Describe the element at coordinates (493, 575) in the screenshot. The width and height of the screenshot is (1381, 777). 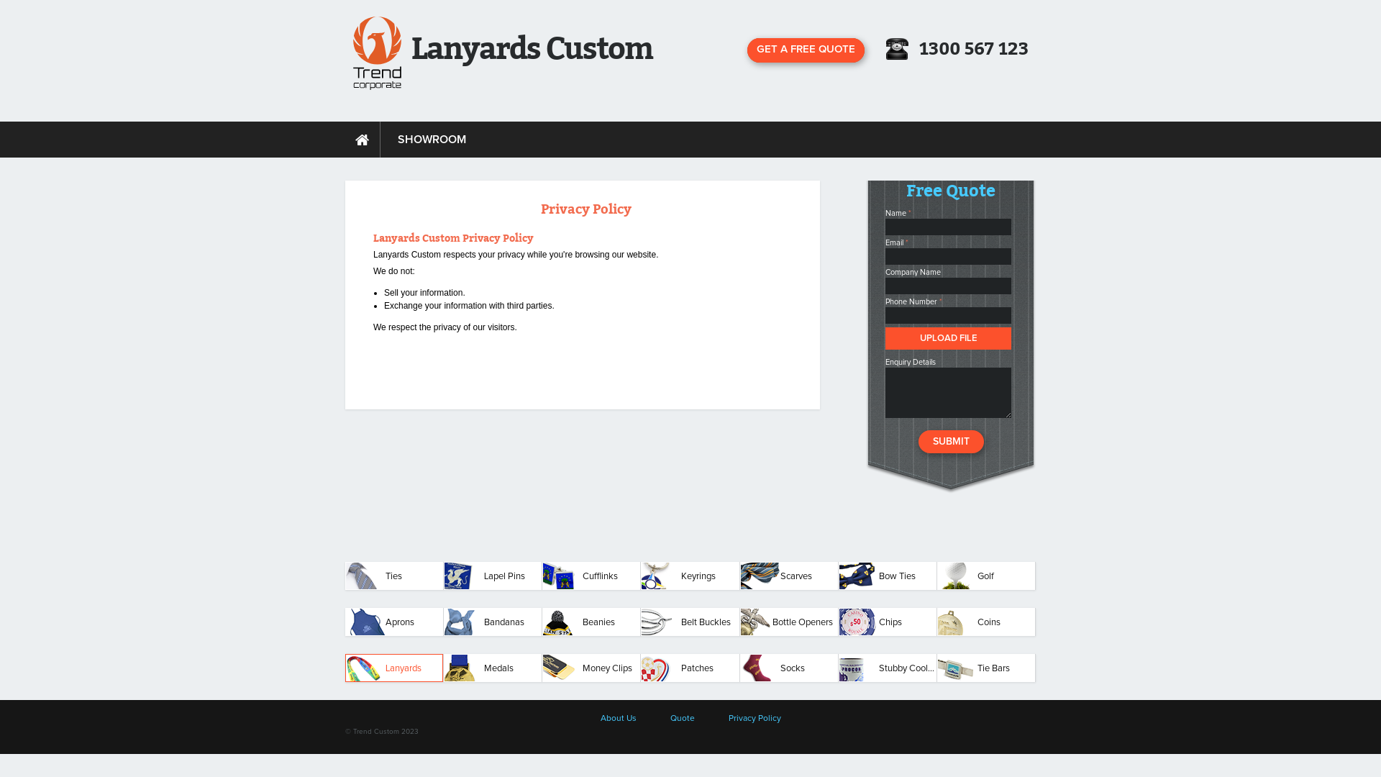
I see `'Lapel Pins'` at that location.